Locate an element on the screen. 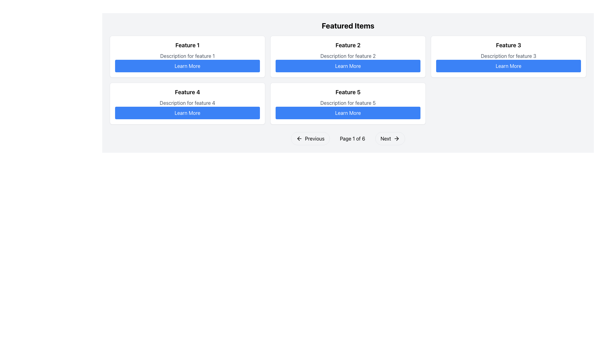 Image resolution: width=602 pixels, height=338 pixels. the pagination state text located centrally in the footer navigation bar, positioned between the 'Previous' and 'Next' buttons is located at coordinates (352, 138).